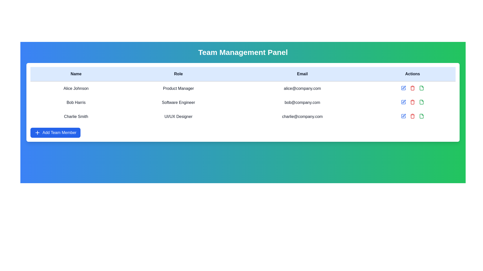 This screenshot has height=271, width=483. What do you see at coordinates (421, 116) in the screenshot?
I see `the rightmost action button in the row for 'Charlie Smith' in the table` at bounding box center [421, 116].